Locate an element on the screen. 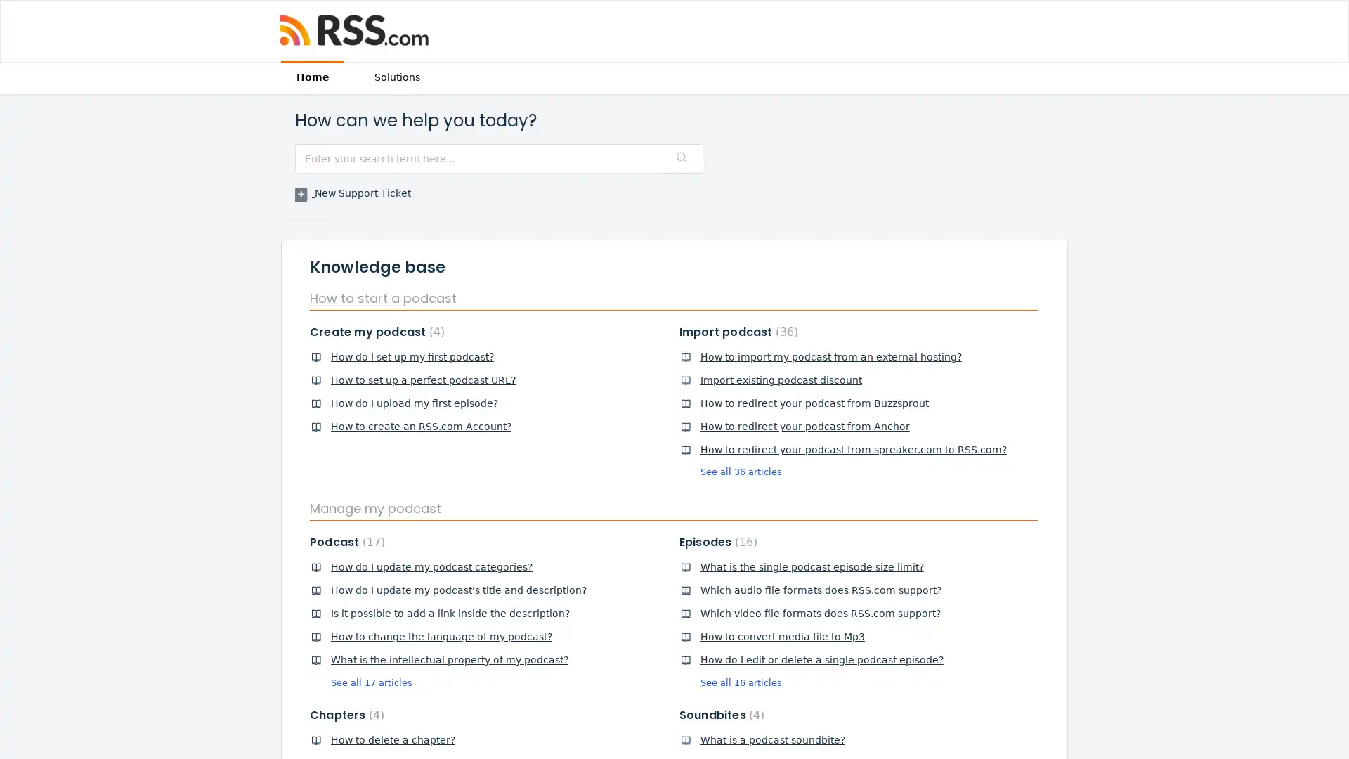 The height and width of the screenshot is (759, 1349). Search is located at coordinates (681, 158).